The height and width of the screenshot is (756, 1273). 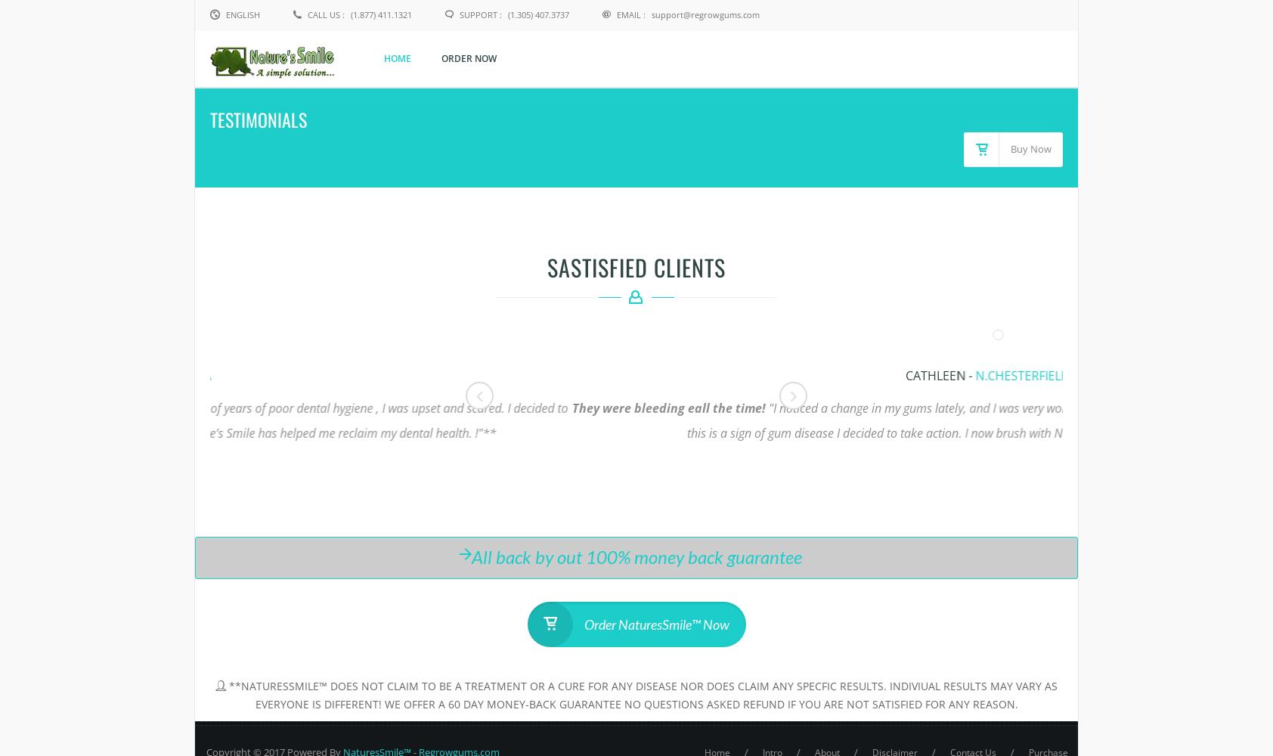 I want to click on 'Testimonials', so click(x=259, y=119).